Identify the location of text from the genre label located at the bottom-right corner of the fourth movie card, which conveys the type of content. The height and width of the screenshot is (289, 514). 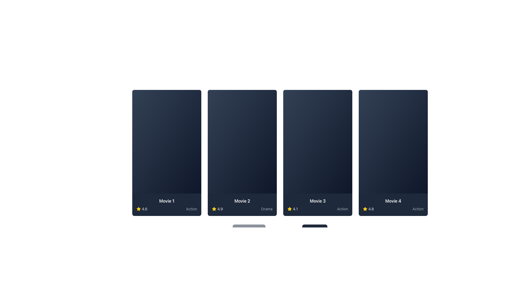
(418, 208).